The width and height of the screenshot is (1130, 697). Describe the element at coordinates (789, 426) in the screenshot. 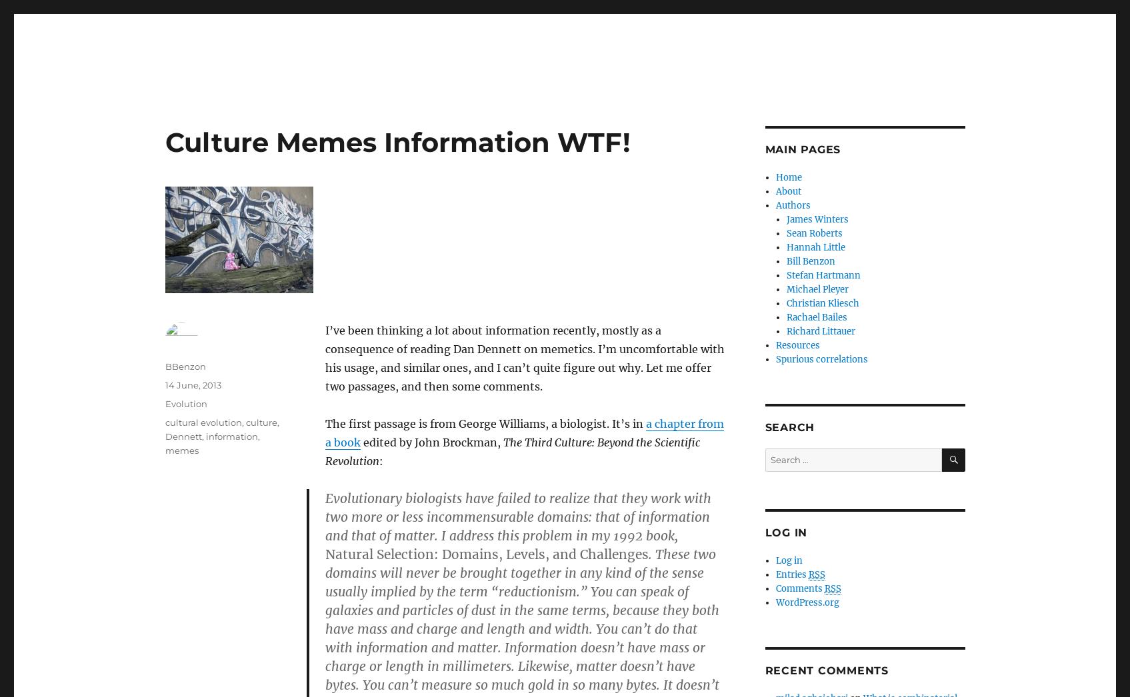

I see `'Search'` at that location.